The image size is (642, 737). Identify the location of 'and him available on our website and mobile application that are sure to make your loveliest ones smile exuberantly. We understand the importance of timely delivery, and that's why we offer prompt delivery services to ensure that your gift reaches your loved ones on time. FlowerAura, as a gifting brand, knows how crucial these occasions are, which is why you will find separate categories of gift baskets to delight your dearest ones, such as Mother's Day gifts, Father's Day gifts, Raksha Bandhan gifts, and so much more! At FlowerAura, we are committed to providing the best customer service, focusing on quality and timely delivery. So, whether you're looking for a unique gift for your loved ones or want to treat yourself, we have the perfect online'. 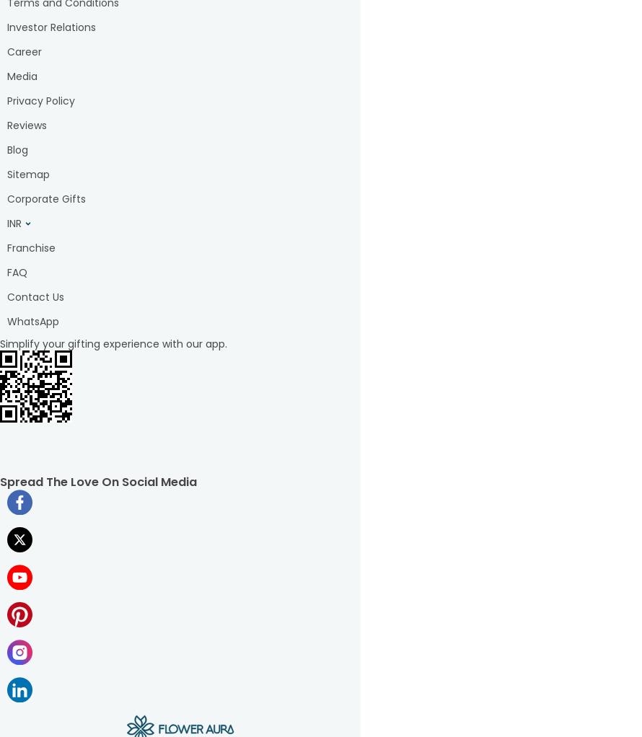
(180, 551).